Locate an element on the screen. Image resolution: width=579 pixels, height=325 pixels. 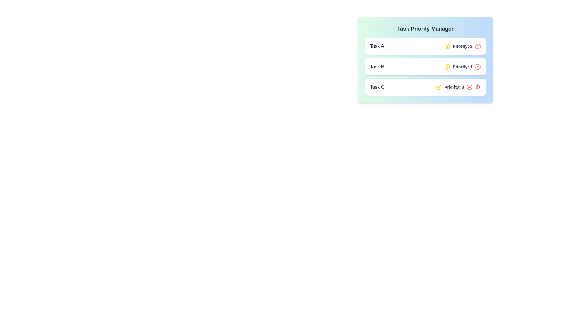
the circular icon button with a yellow border and a downward-pointing arrow, located next to the text 'Priority: 3' in the 'Task C' entry of the 'Task Priority Manager' section to decrease the priority is located at coordinates (439, 87).